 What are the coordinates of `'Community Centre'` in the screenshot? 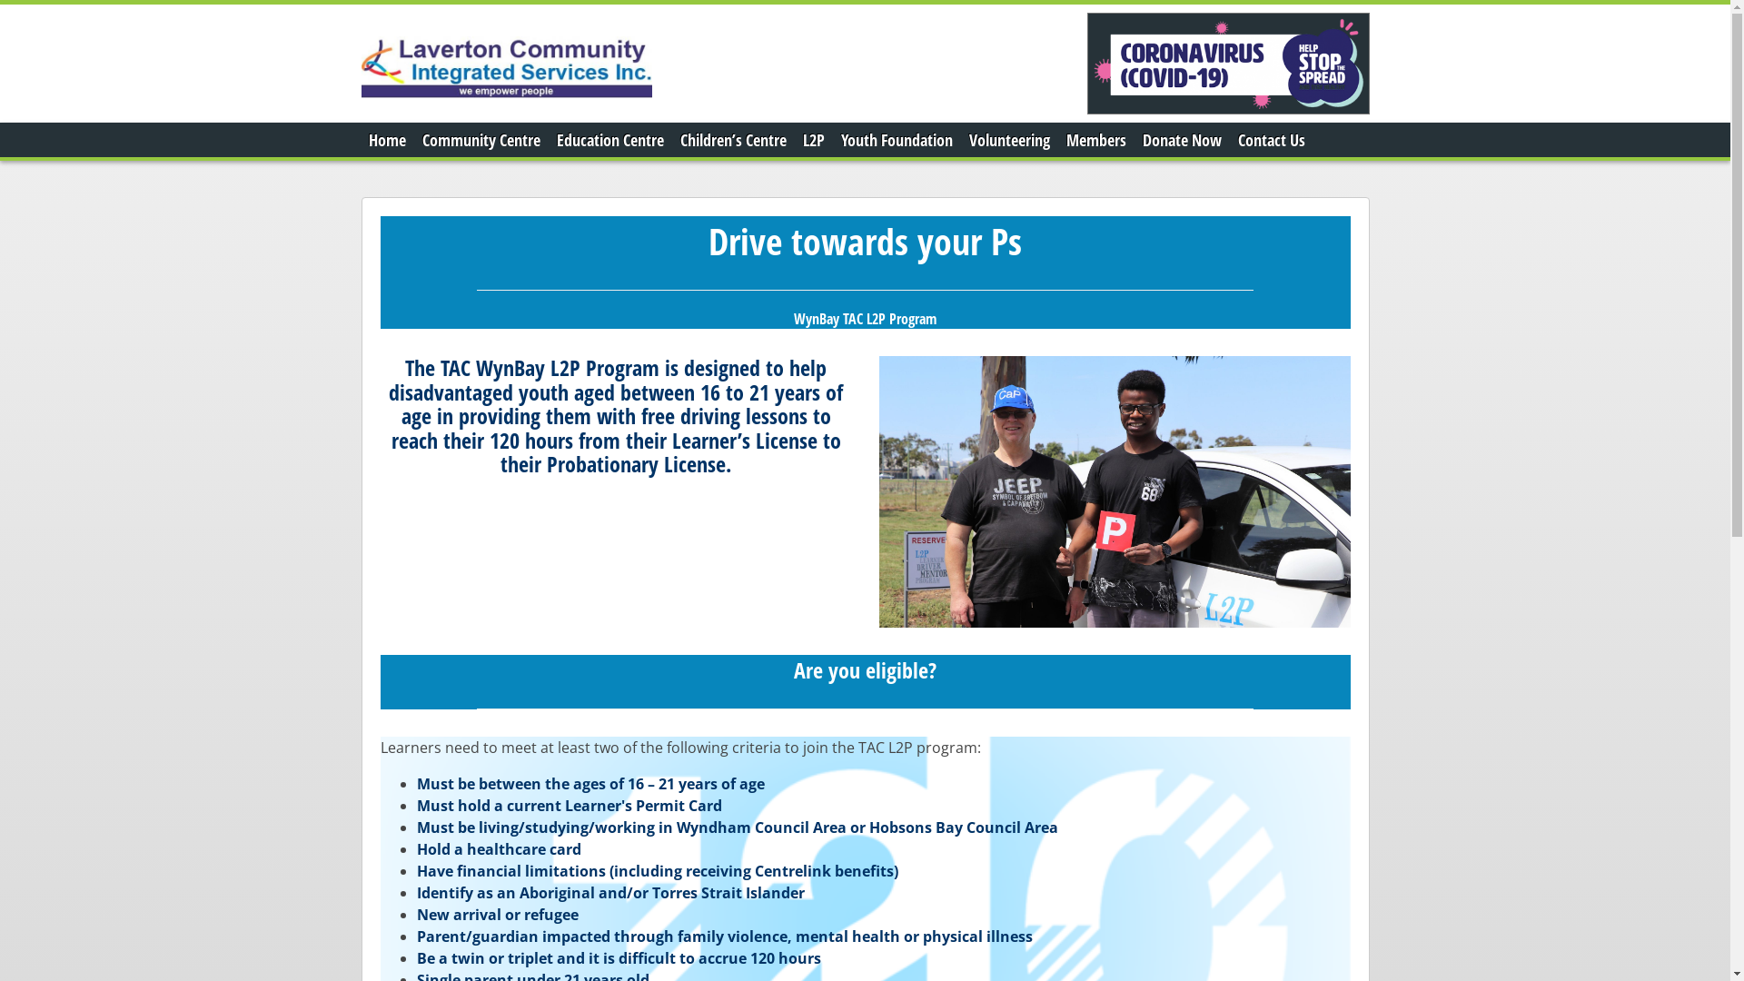 It's located at (480, 139).